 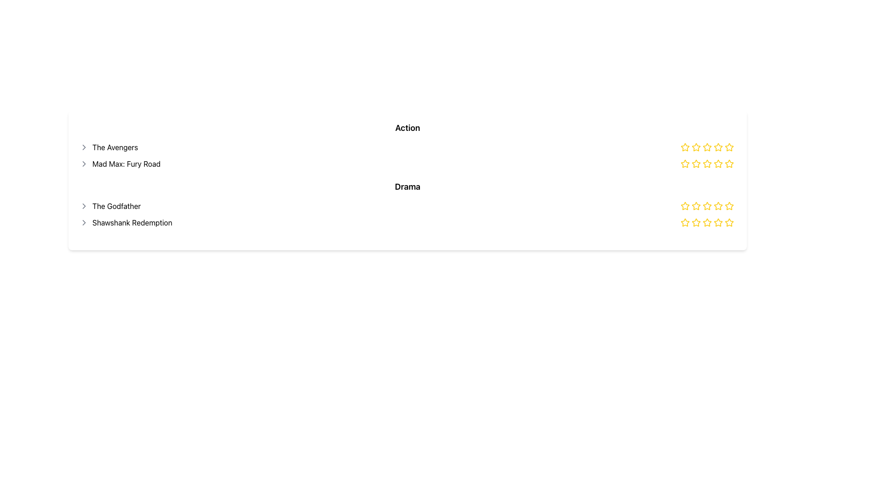 What do you see at coordinates (708, 163) in the screenshot?
I see `the third yellow star icon in the rating array` at bounding box center [708, 163].